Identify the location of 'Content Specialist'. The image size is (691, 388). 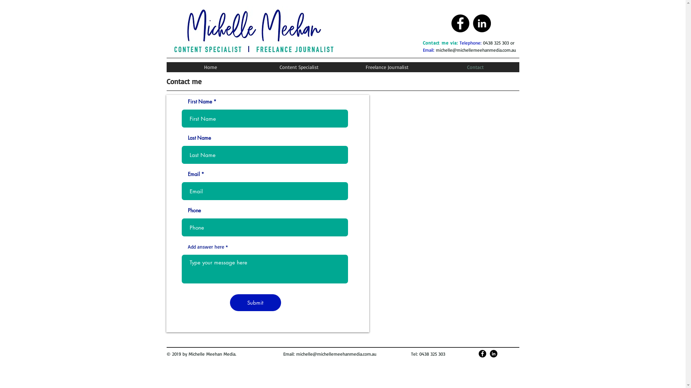
(299, 67).